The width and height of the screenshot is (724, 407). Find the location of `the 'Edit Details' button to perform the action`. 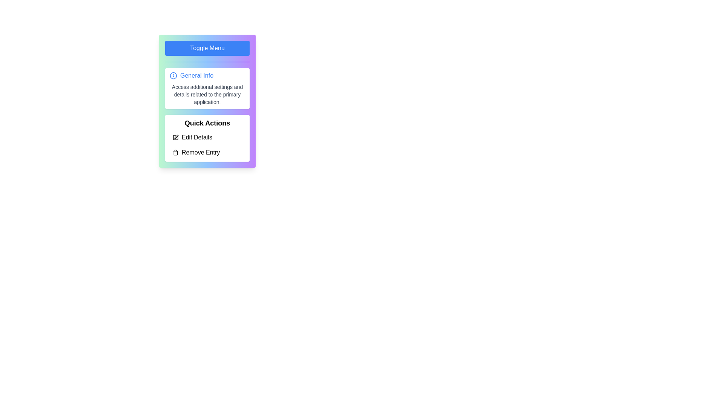

the 'Edit Details' button to perform the action is located at coordinates (207, 138).